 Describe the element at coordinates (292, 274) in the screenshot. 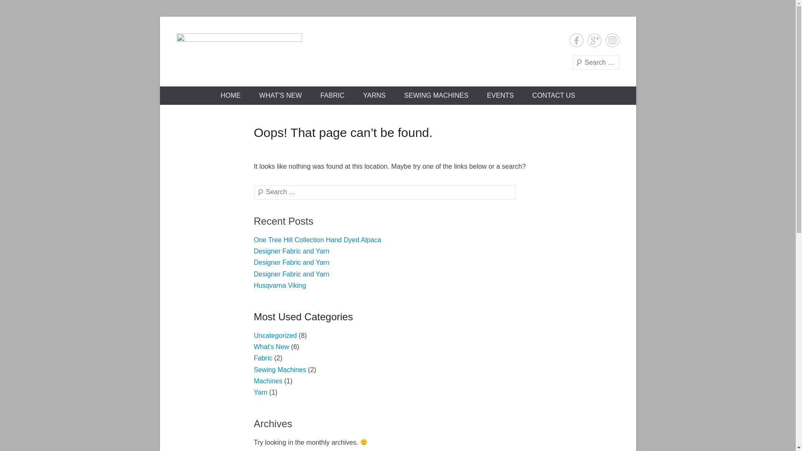

I see `'Designer Fabric and Yarn'` at that location.